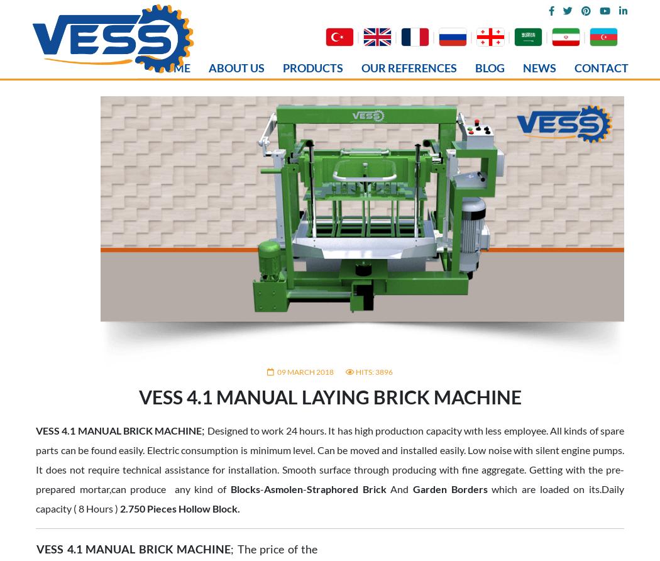  I want to click on 'CLICK FOR CAMPAIGN VESS 4.1 MANUAL BRICK MACHINE', so click(175, 402).